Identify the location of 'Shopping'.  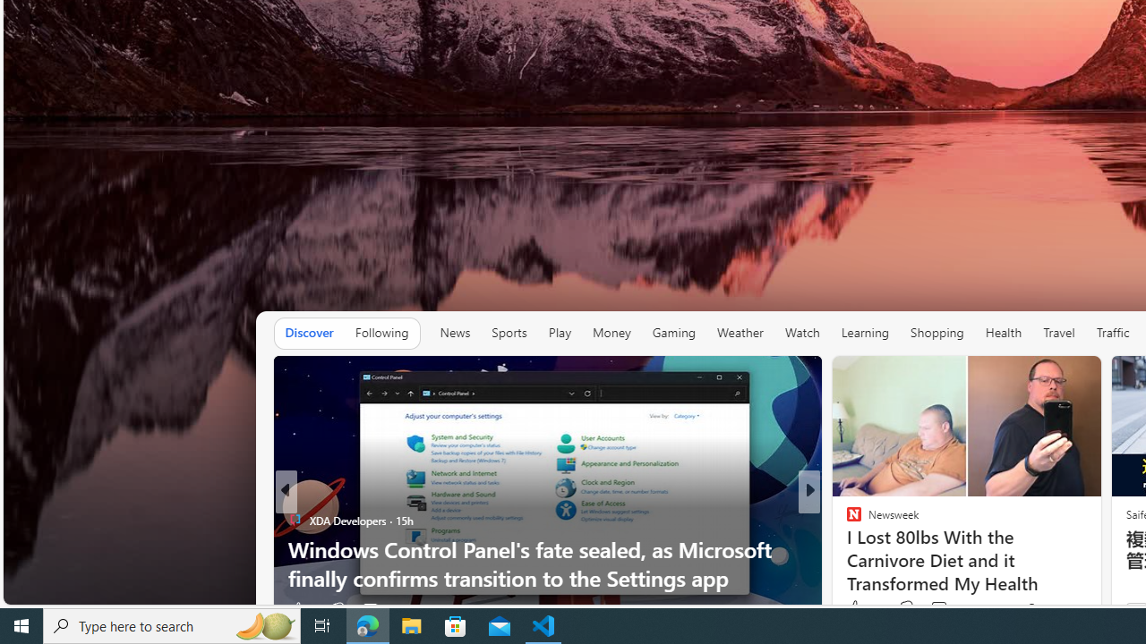
(936, 332).